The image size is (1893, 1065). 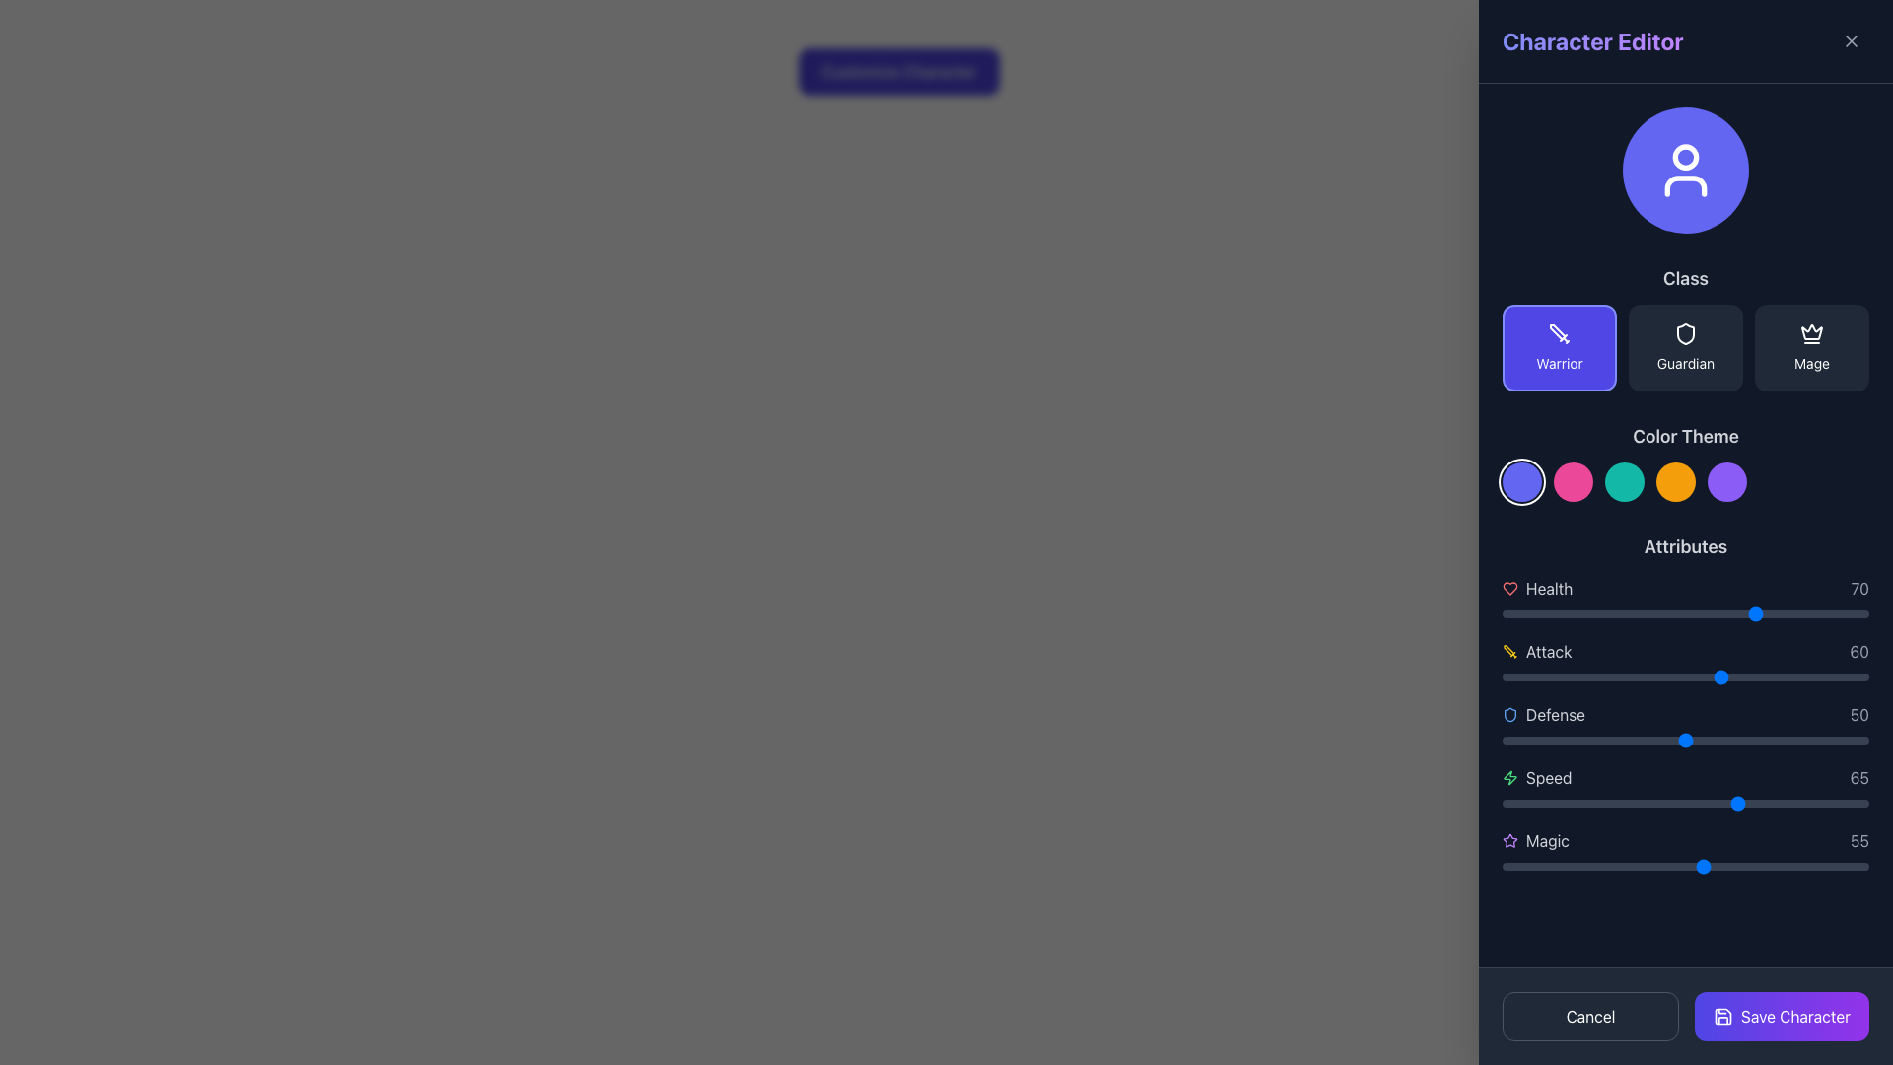 I want to click on the rightmost button in the Class section of the Character Editor, so click(x=1812, y=347).